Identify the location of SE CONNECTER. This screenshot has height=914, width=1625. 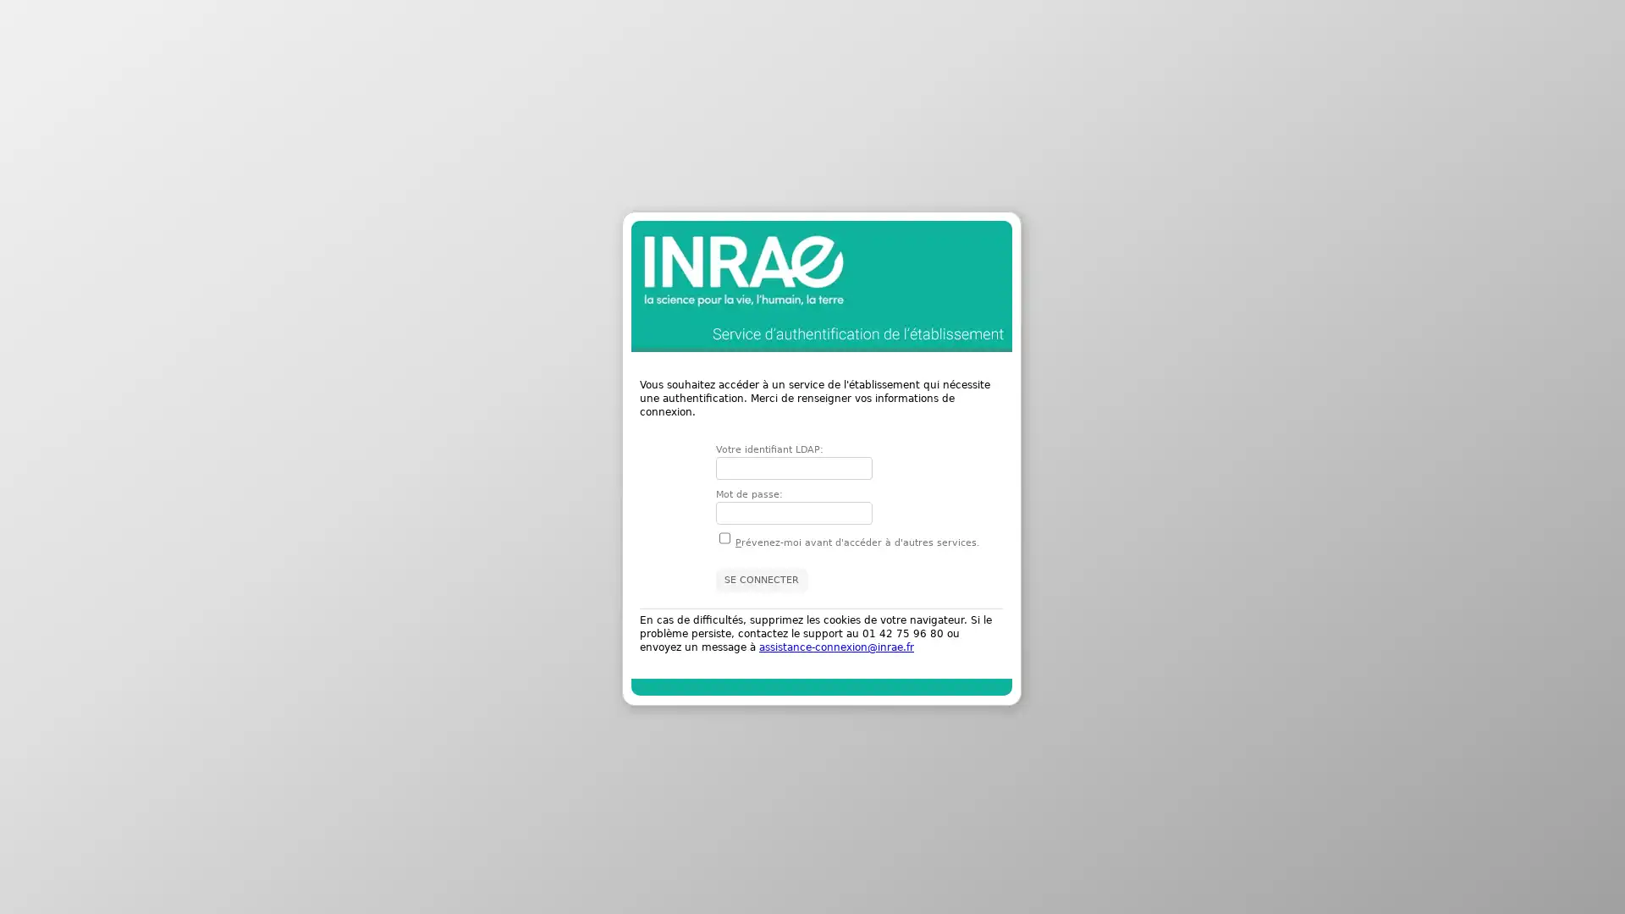
(761, 579).